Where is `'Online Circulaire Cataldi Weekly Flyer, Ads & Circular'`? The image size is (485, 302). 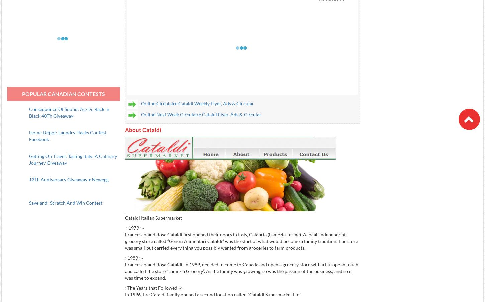 'Online Circulaire Cataldi Weekly Flyer, Ads & Circular' is located at coordinates (197, 103).